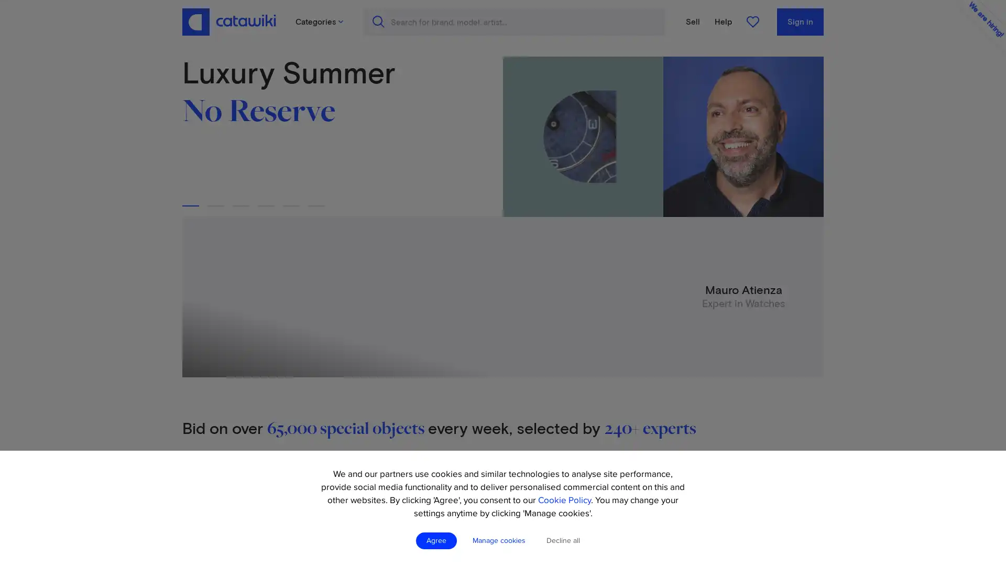 Image resolution: width=1006 pixels, height=566 pixels. What do you see at coordinates (800, 22) in the screenshot?
I see `Sign in` at bounding box center [800, 22].